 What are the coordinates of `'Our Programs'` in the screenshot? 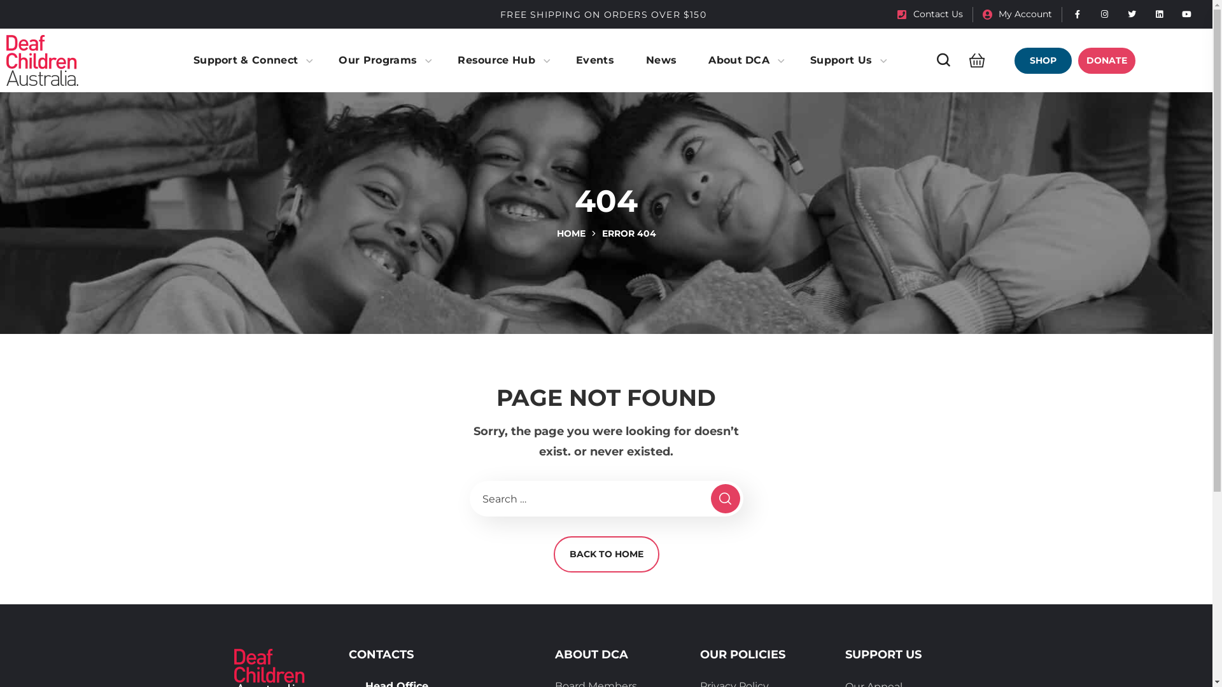 It's located at (381, 60).